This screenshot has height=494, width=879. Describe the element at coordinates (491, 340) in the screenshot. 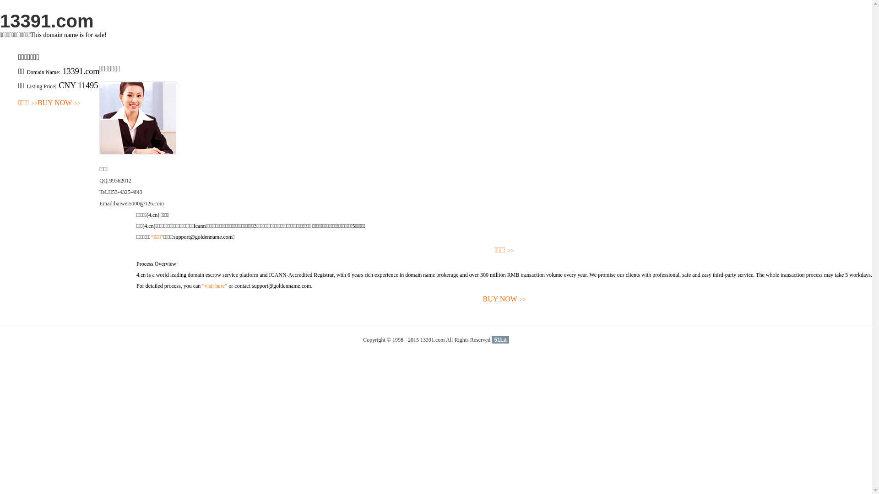

I see `'51La'` at that location.